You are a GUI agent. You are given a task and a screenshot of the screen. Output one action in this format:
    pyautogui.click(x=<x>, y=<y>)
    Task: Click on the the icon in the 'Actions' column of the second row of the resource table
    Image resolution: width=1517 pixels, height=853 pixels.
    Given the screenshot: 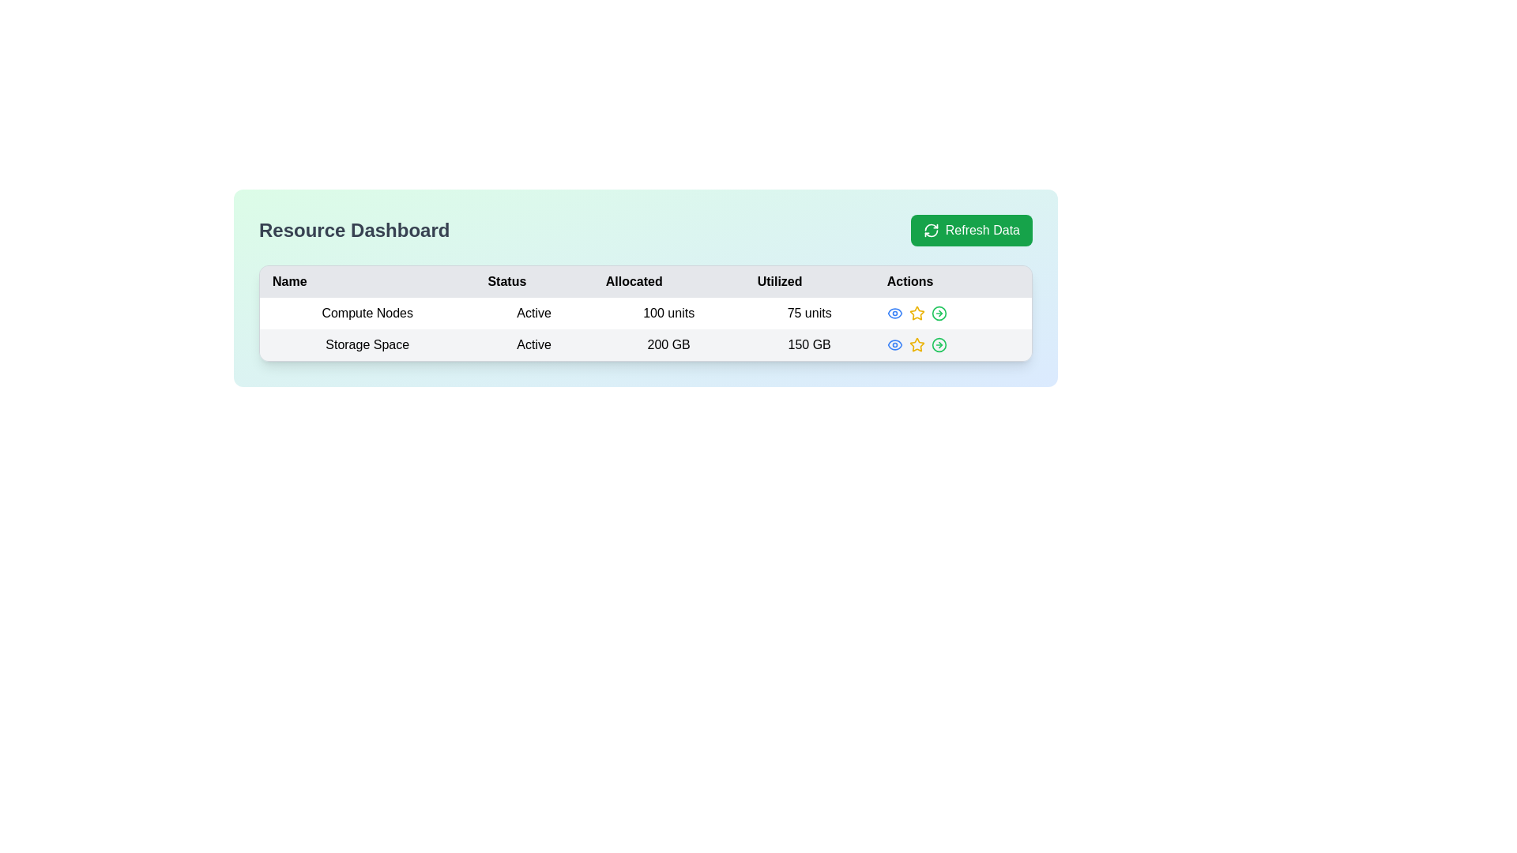 What is the action you would take?
    pyautogui.click(x=917, y=313)
    